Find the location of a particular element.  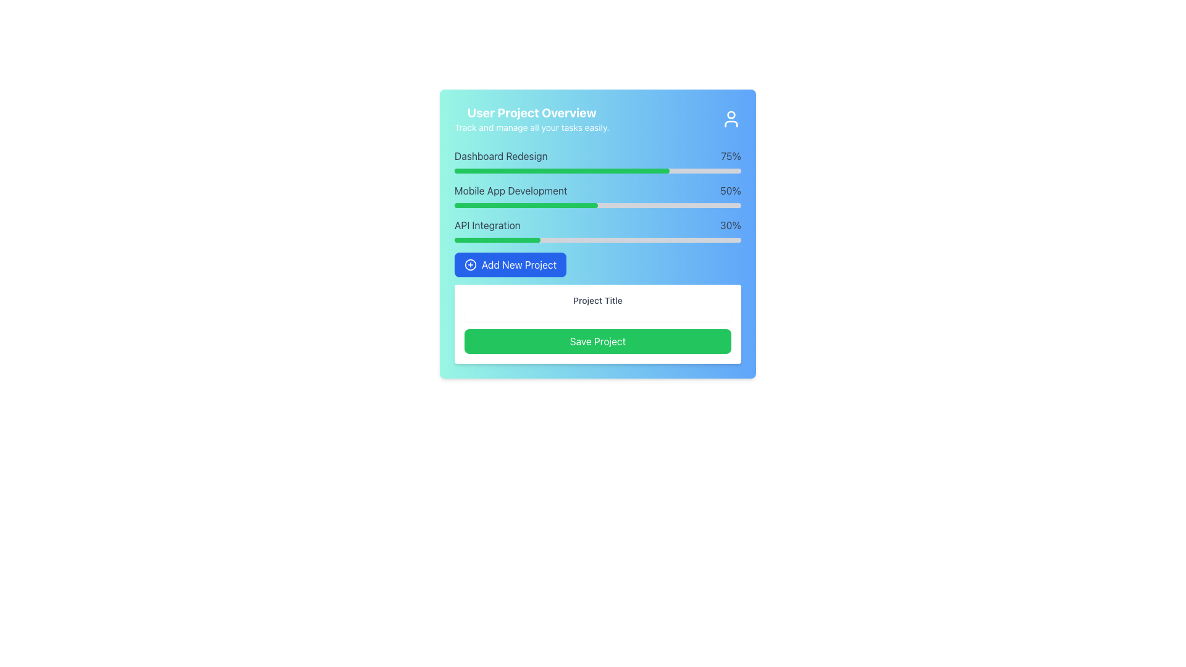

the second progress bar indicating 50% completion for 'Mobile App Development' is located at coordinates (526, 204).